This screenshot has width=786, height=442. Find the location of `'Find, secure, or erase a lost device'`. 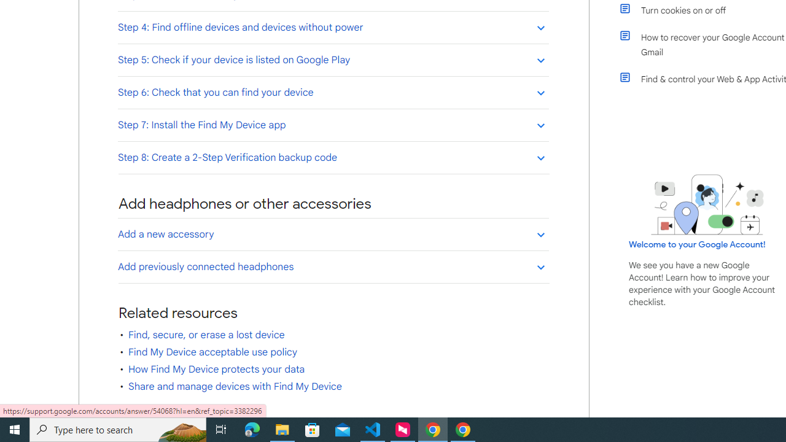

'Find, secure, or erase a lost device' is located at coordinates (206, 335).